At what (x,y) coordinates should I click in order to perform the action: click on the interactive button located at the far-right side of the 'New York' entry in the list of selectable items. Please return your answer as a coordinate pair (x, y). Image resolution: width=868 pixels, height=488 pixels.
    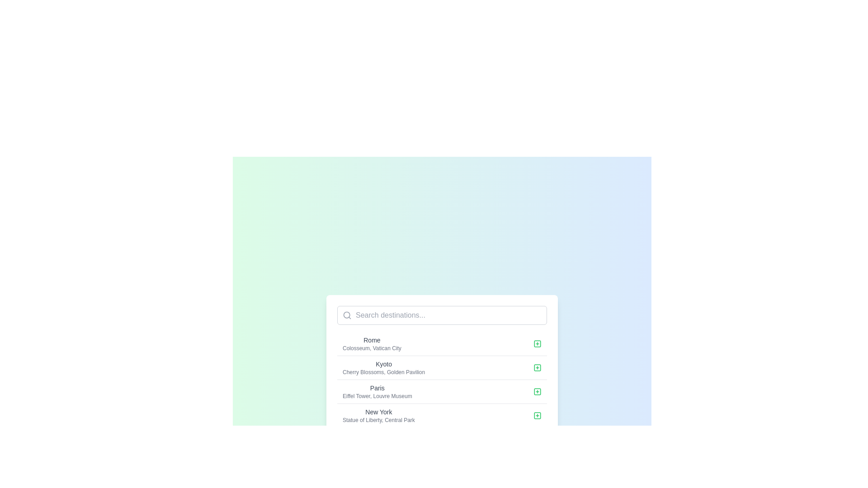
    Looking at the image, I should click on (538, 416).